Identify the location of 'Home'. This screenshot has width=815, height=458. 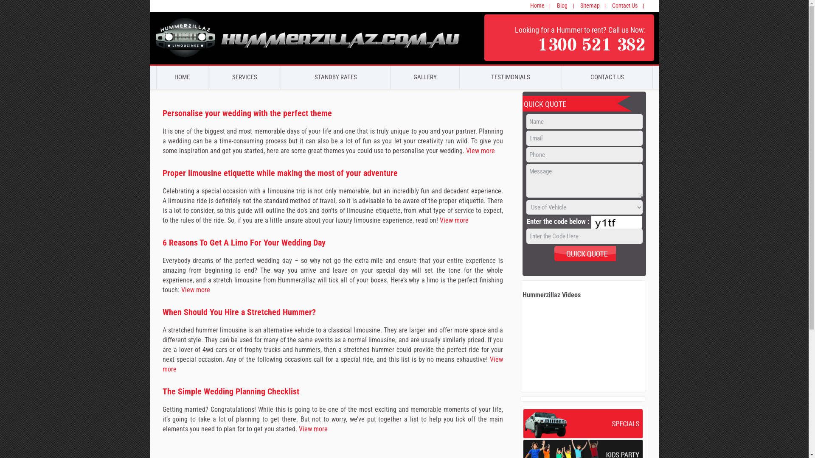
(537, 5).